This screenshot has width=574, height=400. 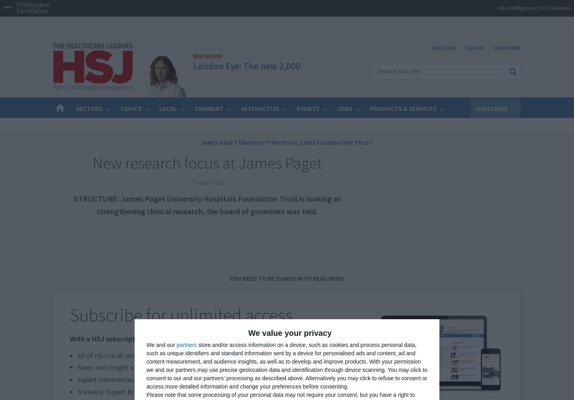 I want to click on 'New research focus at James Paget', so click(x=207, y=163).